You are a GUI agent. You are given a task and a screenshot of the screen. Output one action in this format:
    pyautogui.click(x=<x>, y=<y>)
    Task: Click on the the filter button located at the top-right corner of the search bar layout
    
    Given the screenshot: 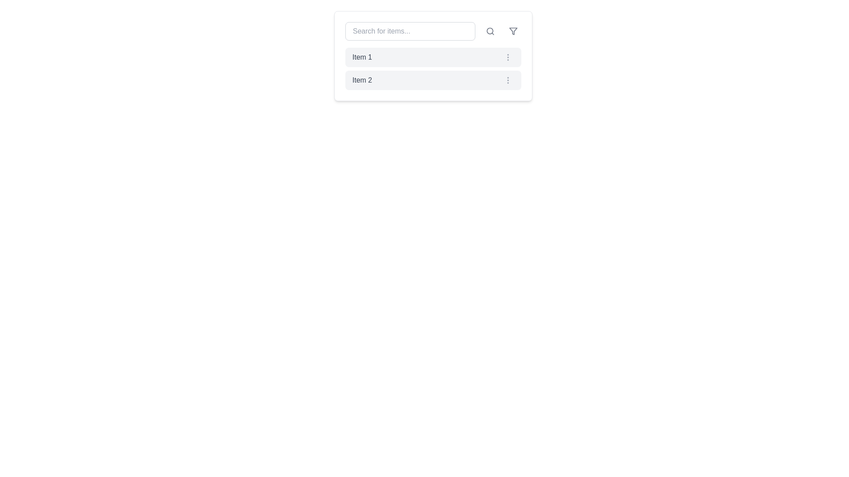 What is the action you would take?
    pyautogui.click(x=513, y=30)
    